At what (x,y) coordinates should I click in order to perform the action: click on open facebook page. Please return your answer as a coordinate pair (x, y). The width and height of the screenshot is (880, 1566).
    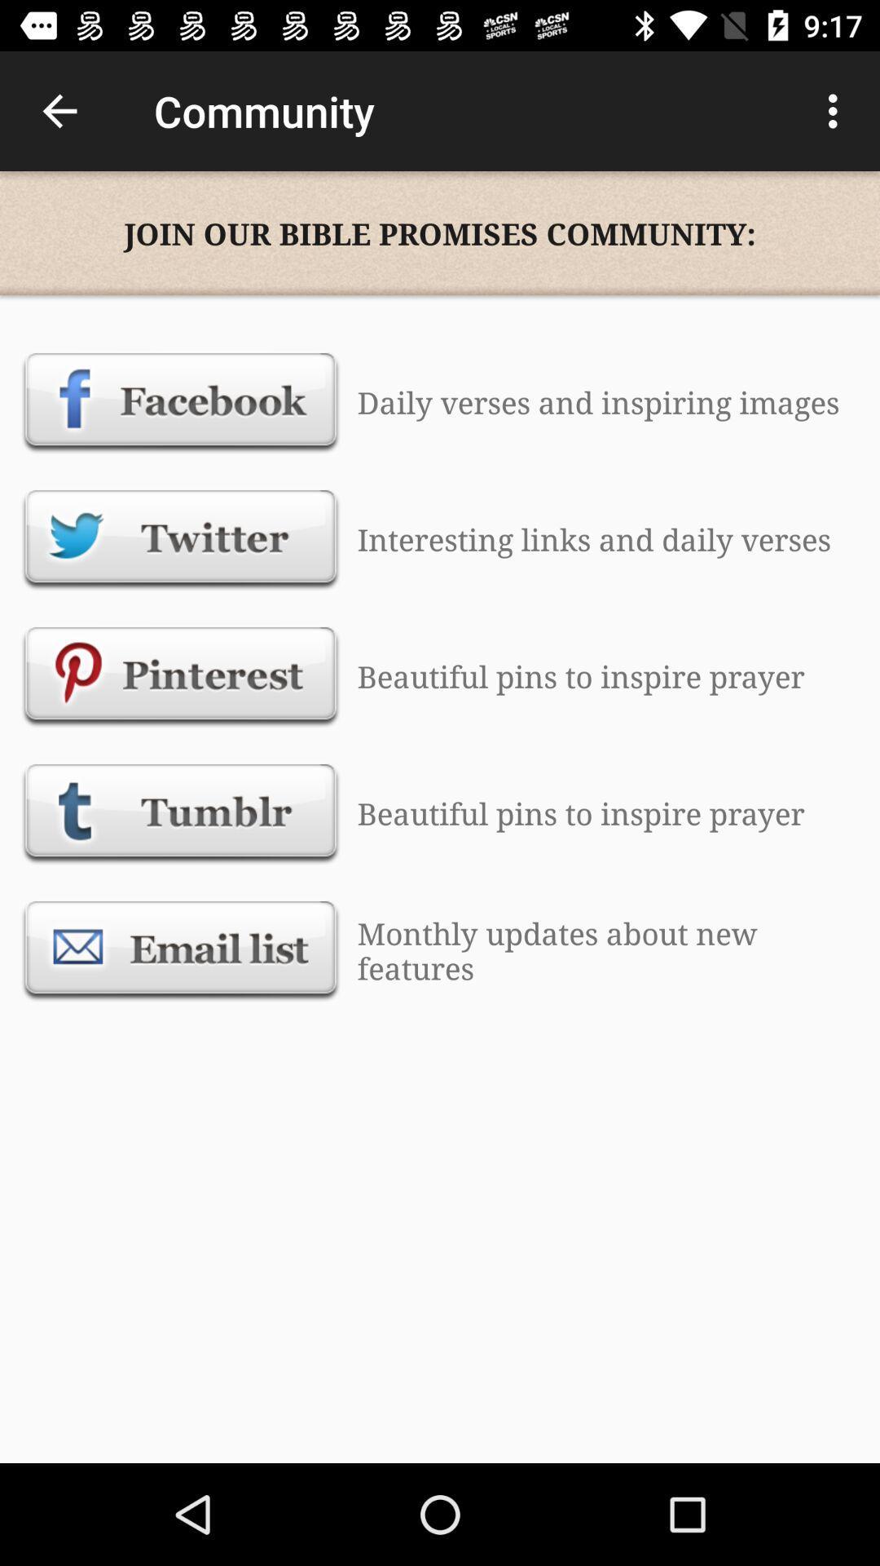
    Looking at the image, I should click on (181, 402).